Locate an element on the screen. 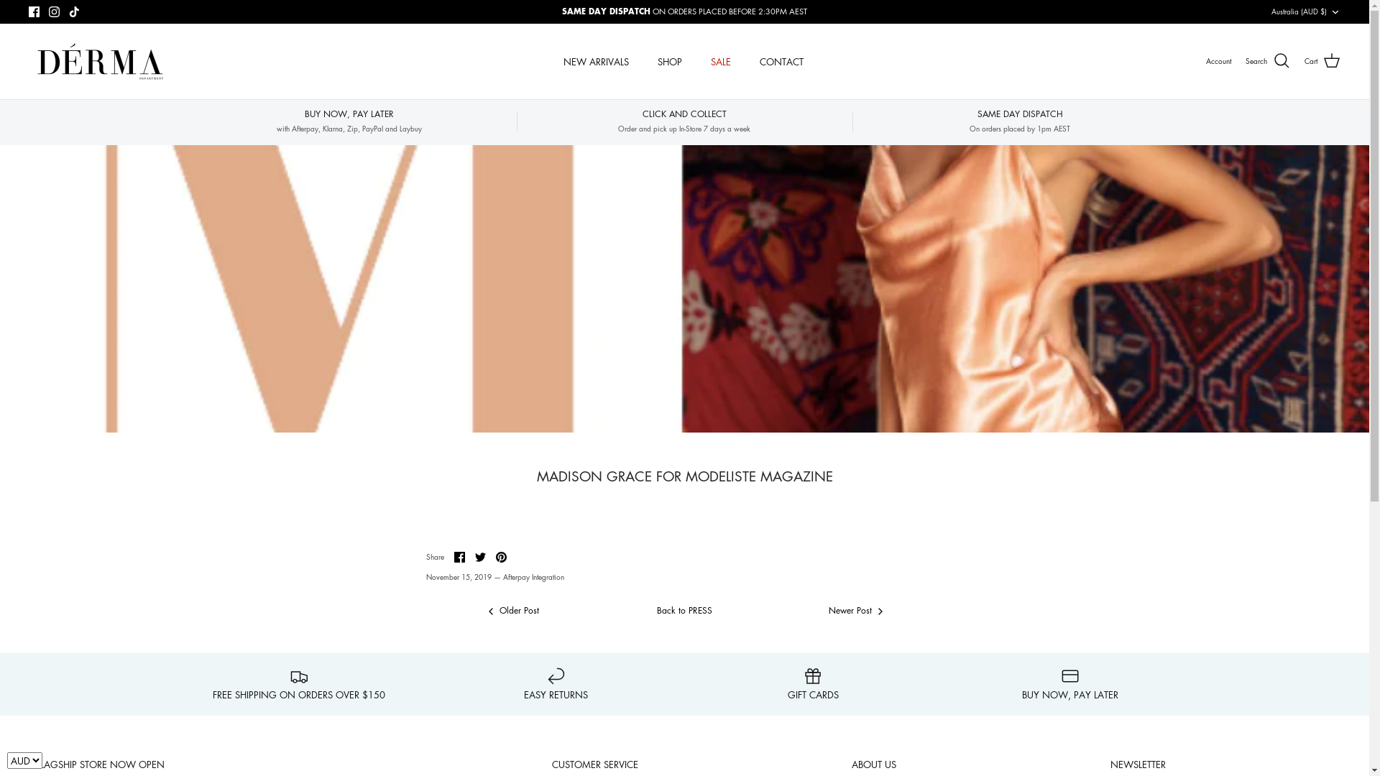 The width and height of the screenshot is (1380, 776). 'Facebook is located at coordinates (459, 556).